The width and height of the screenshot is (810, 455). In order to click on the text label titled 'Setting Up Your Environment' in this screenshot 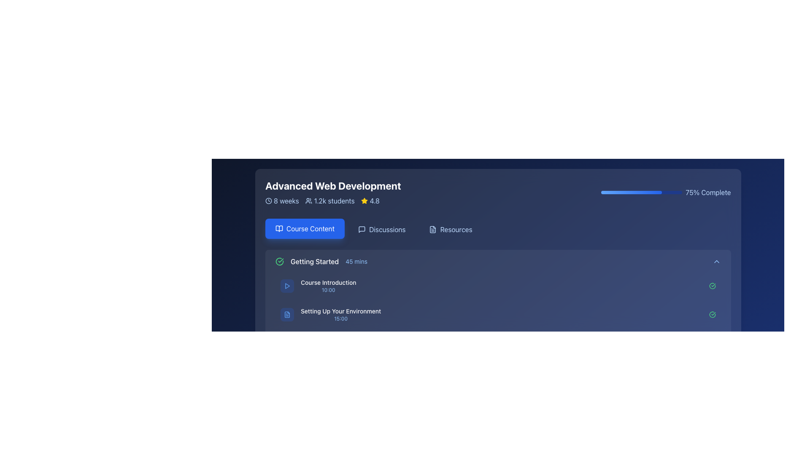, I will do `click(340, 315)`.